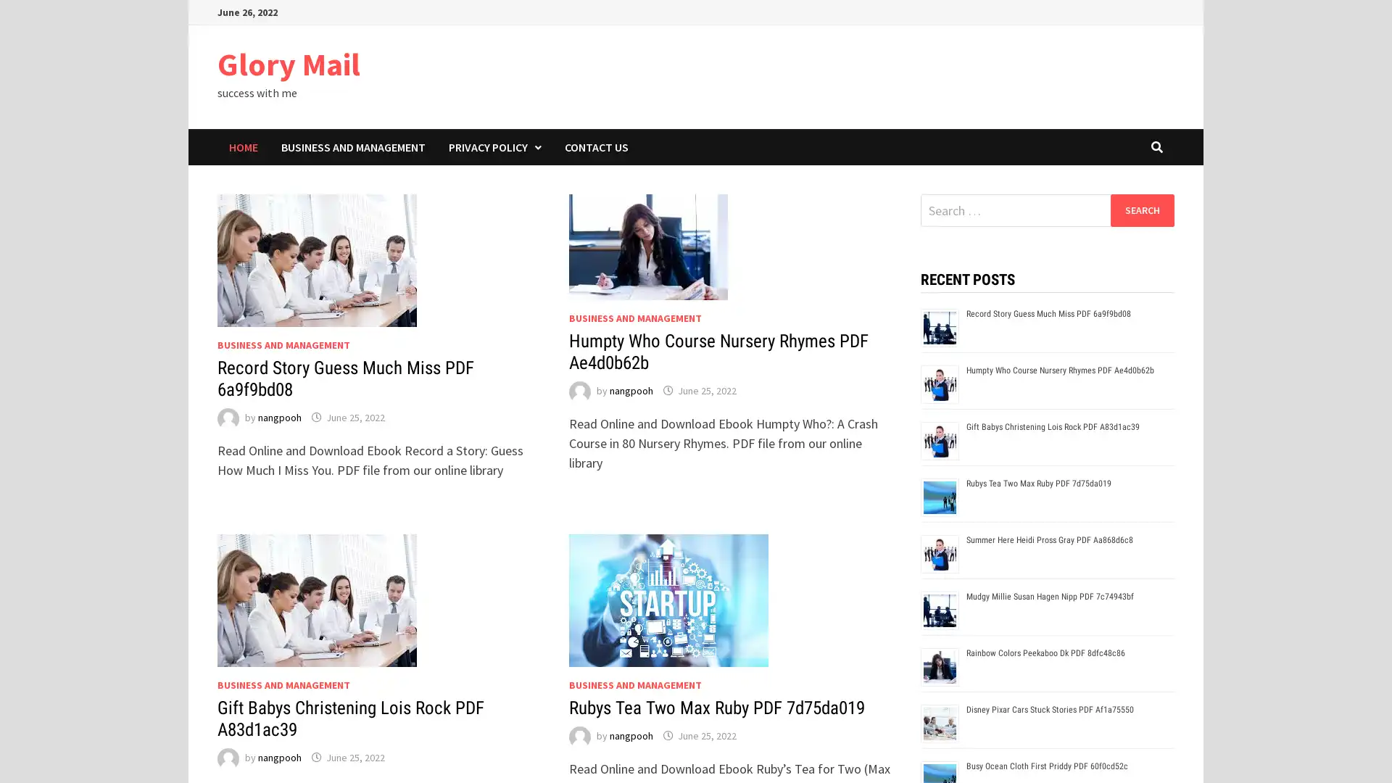 The height and width of the screenshot is (783, 1392). What do you see at coordinates (1141, 210) in the screenshot?
I see `Search` at bounding box center [1141, 210].